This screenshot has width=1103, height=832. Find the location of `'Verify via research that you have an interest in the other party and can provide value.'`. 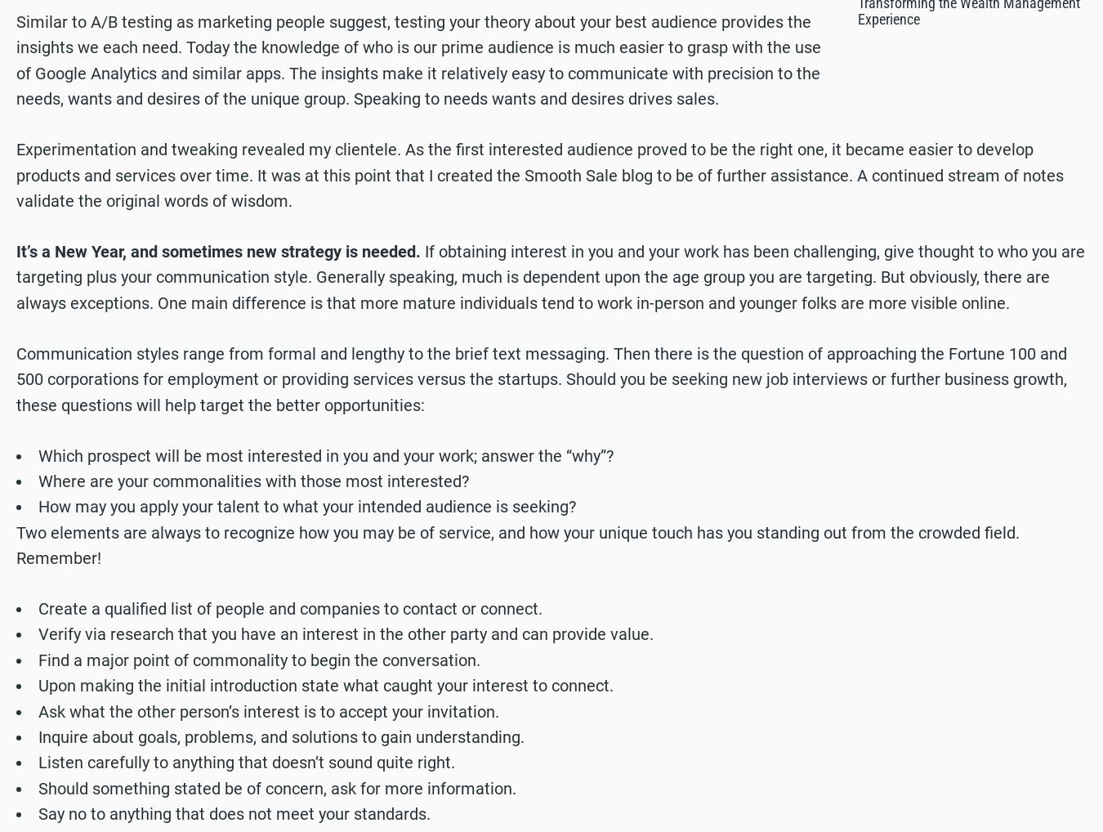

'Verify via research that you have an interest in the other party and can provide value.' is located at coordinates (345, 634).